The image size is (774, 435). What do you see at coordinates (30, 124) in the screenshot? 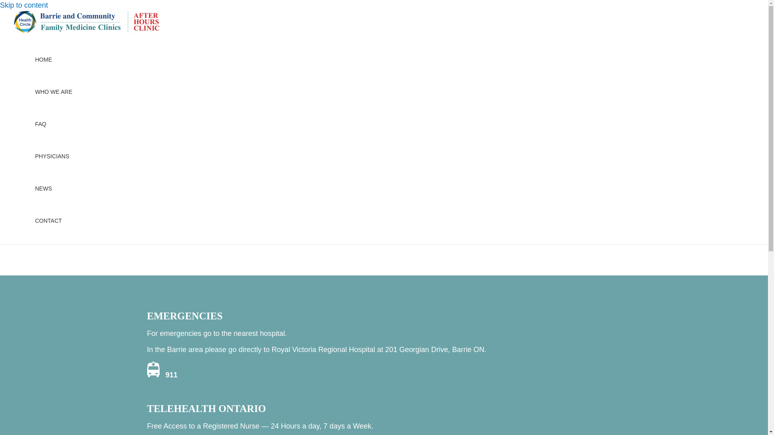
I see `'FAQ'` at bounding box center [30, 124].